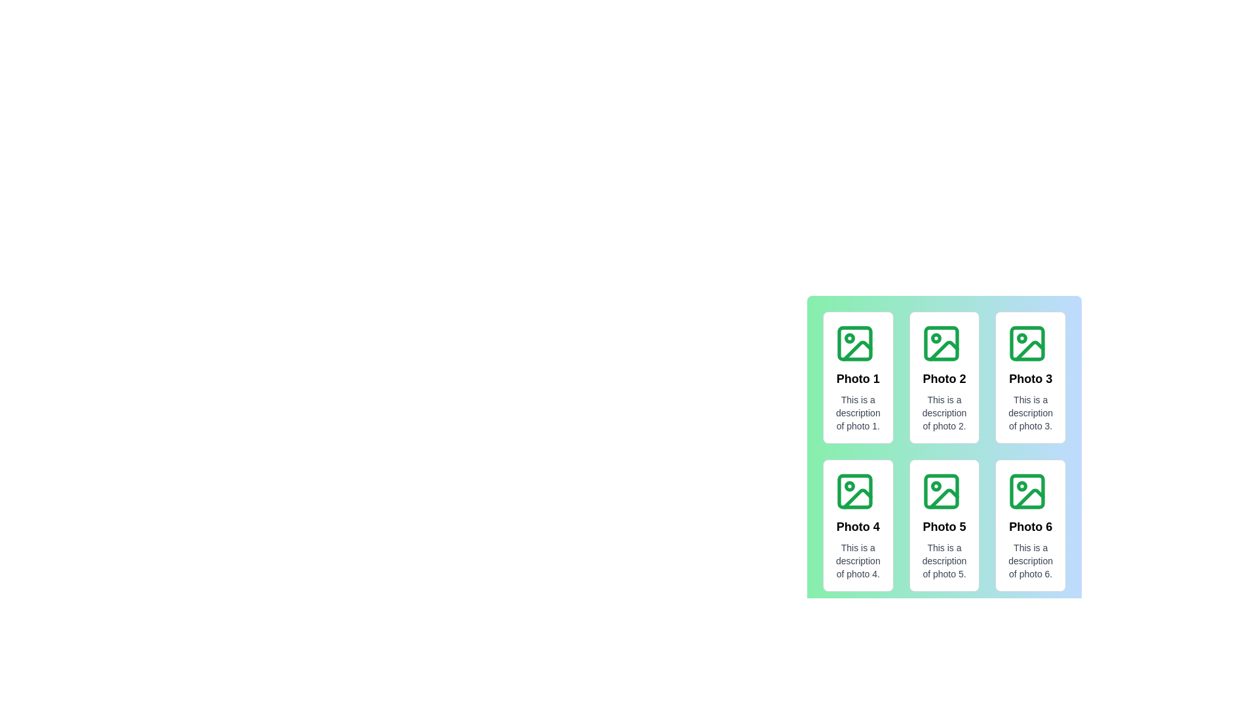 The height and width of the screenshot is (707, 1258). Describe the element at coordinates (944, 524) in the screenshot. I see `the photo with title Photo 5 to view the visual effects` at that location.